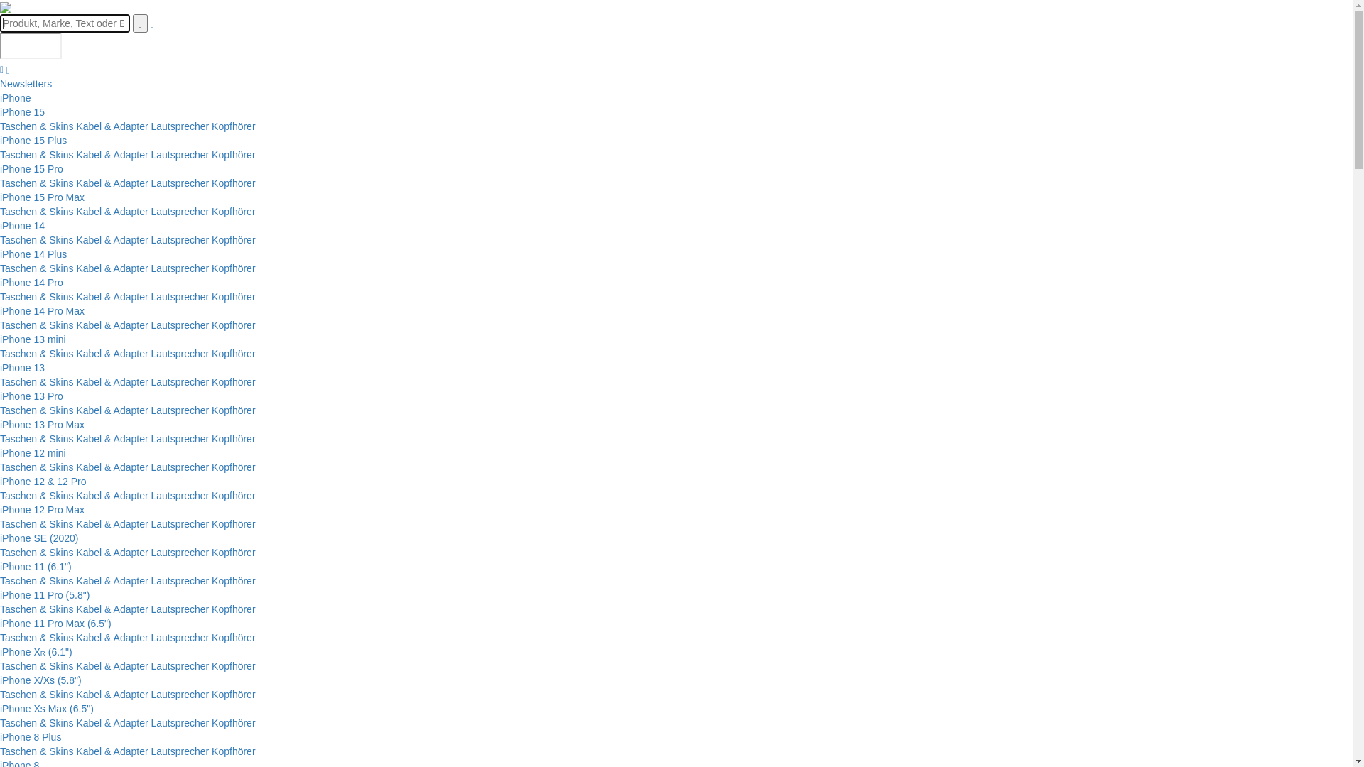  I want to click on 'Taschen & Skins', so click(37, 410).